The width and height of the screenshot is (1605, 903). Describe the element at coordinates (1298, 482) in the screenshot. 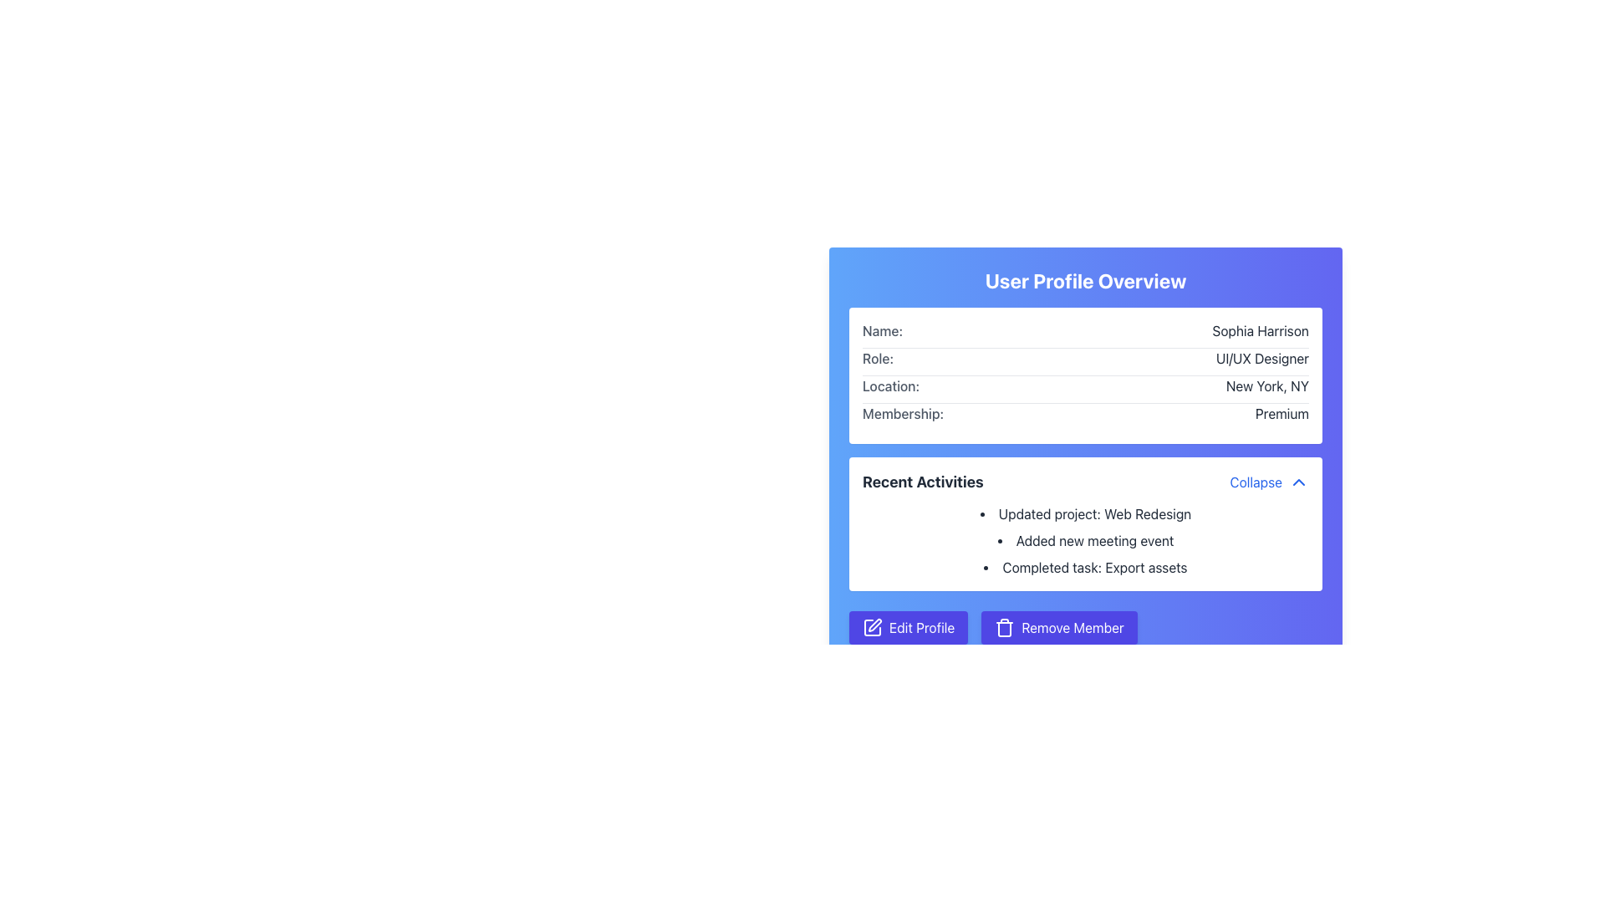

I see `the up-chevron icon located in the right-aligned section of the 'Collapse' text block in the 'Recent Activities' section` at that location.